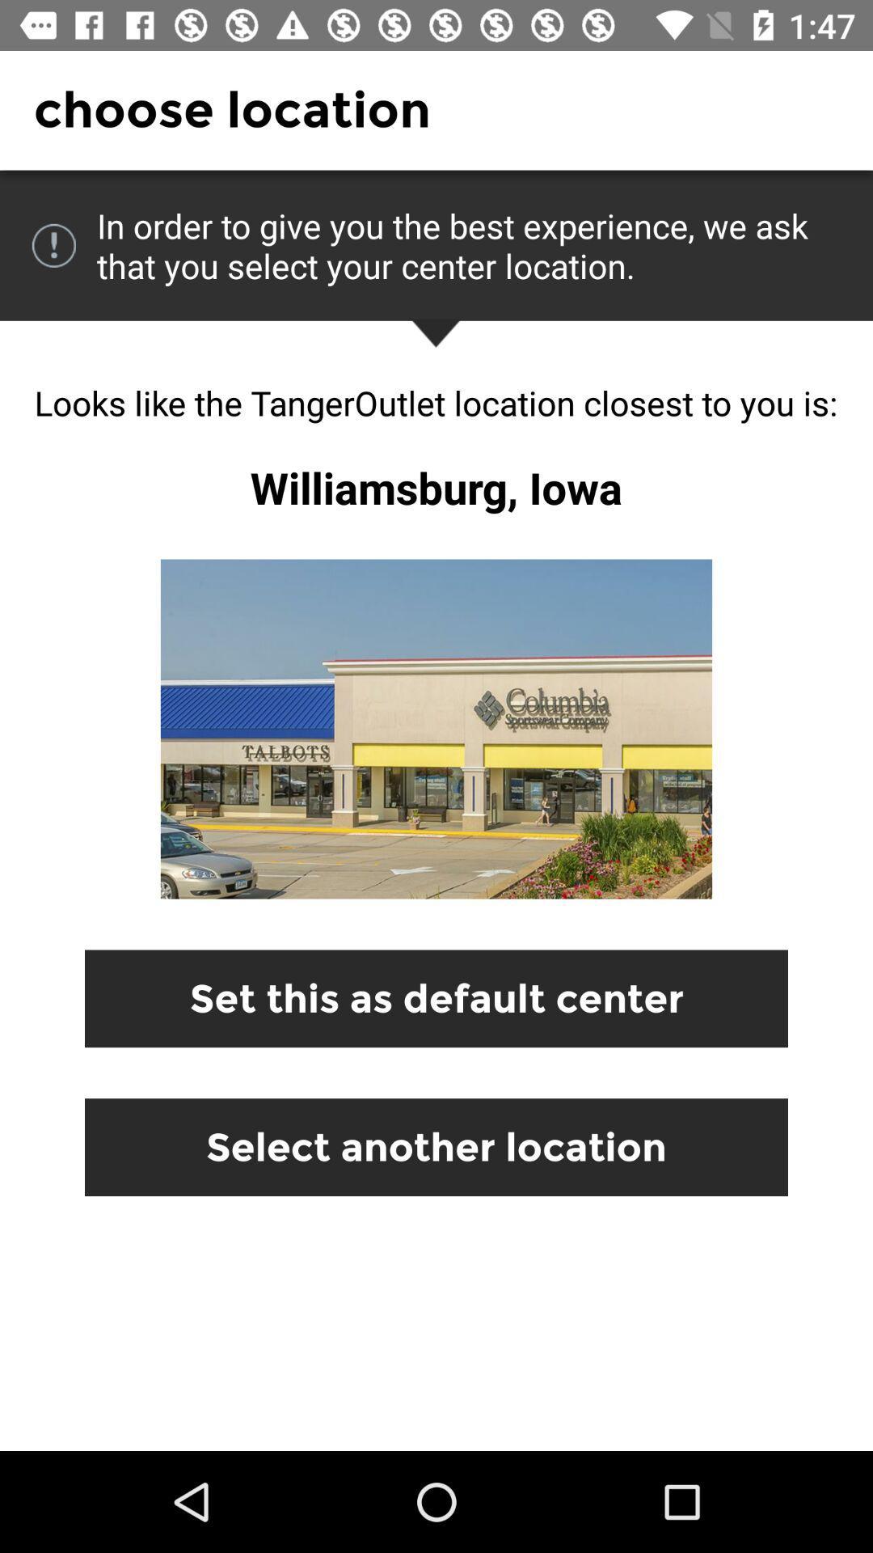 Image resolution: width=873 pixels, height=1553 pixels. Describe the element at coordinates (436, 997) in the screenshot. I see `set this as icon` at that location.